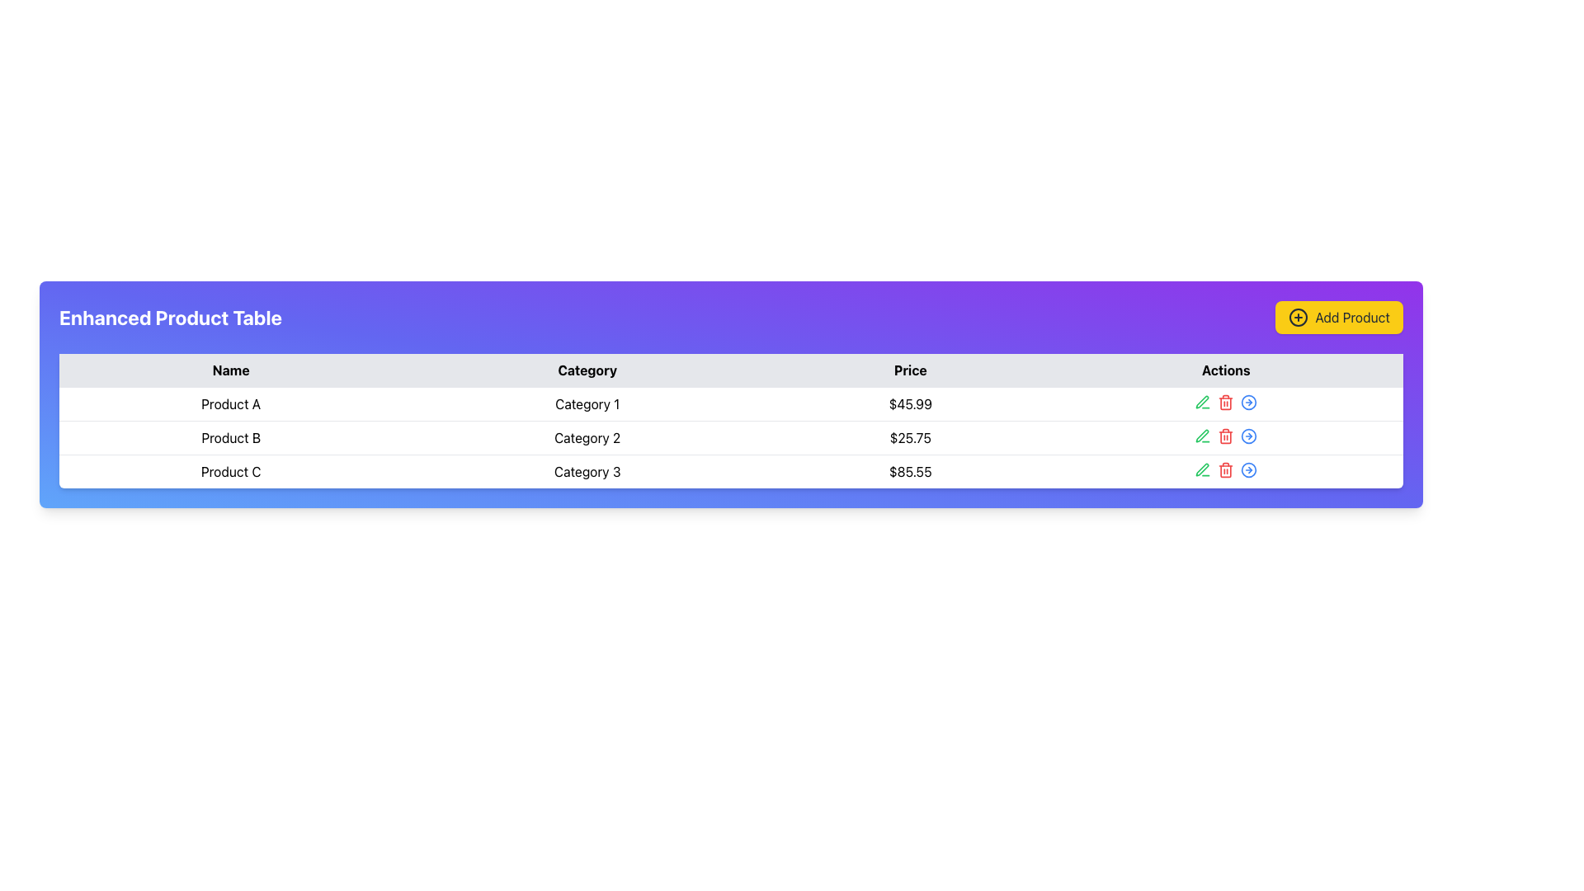  I want to click on text content of the label element that displays 'Category 1', located in the second column of the first row of a table, positioned between 'Product A' and '$45.99', so click(587, 403).